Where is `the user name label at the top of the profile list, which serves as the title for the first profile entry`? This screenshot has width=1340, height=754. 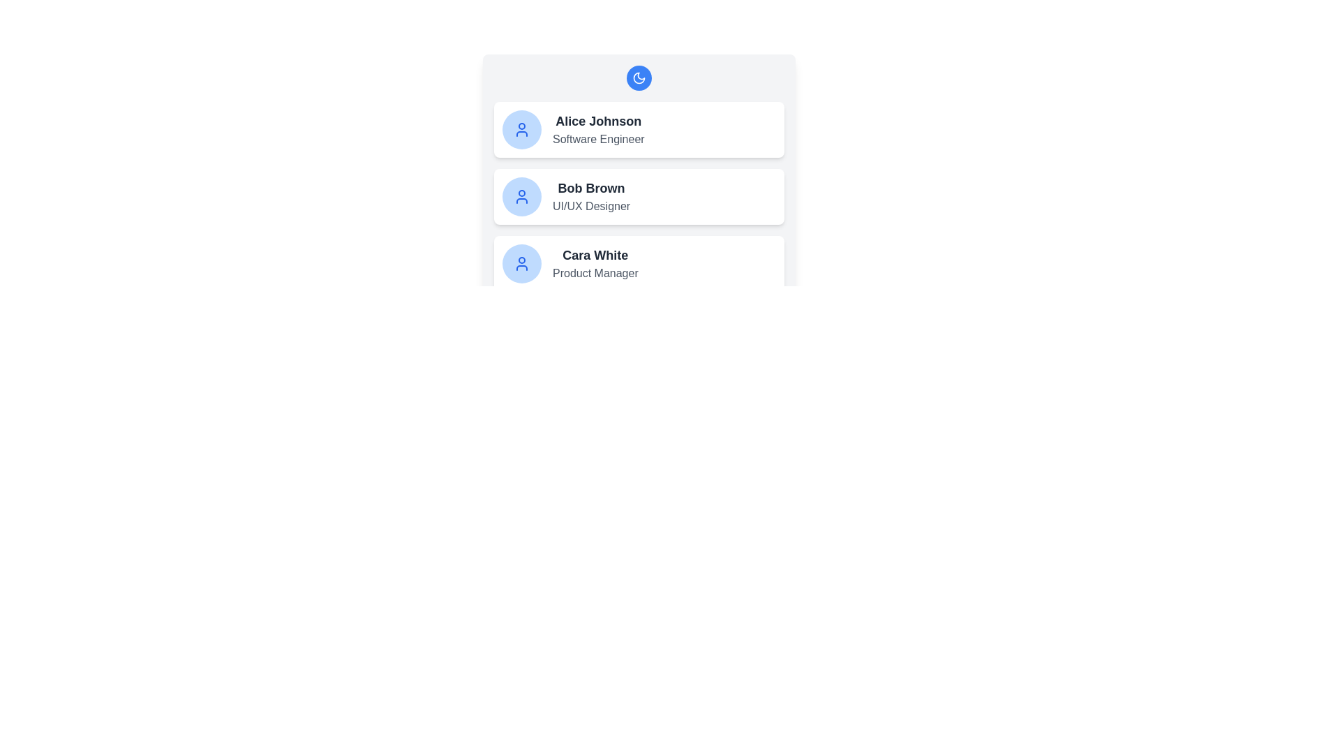 the user name label at the top of the profile list, which serves as the title for the first profile entry is located at coordinates (598, 120).